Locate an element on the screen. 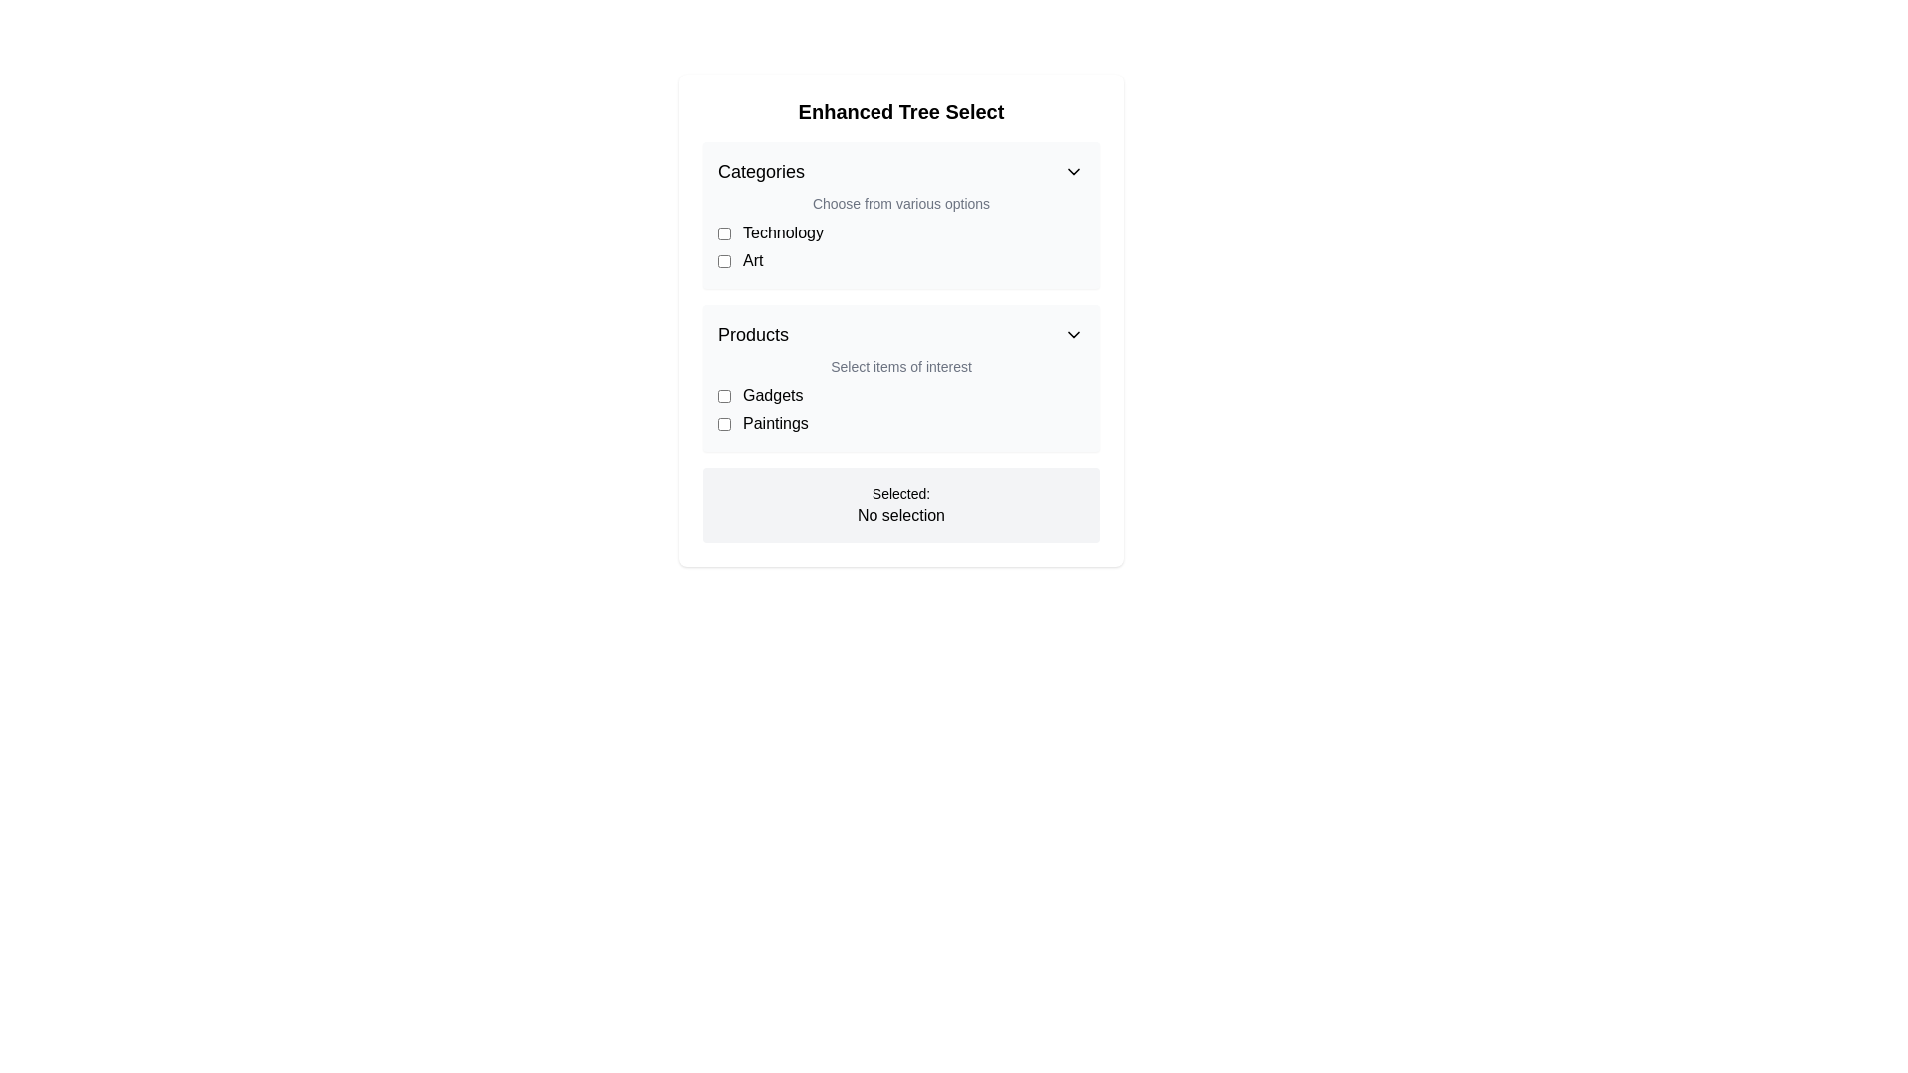 The image size is (1908, 1073). text label indicating the 'Paintings' category option, located to the right of the checkbox in the 'Products' section is located at coordinates (774, 423).